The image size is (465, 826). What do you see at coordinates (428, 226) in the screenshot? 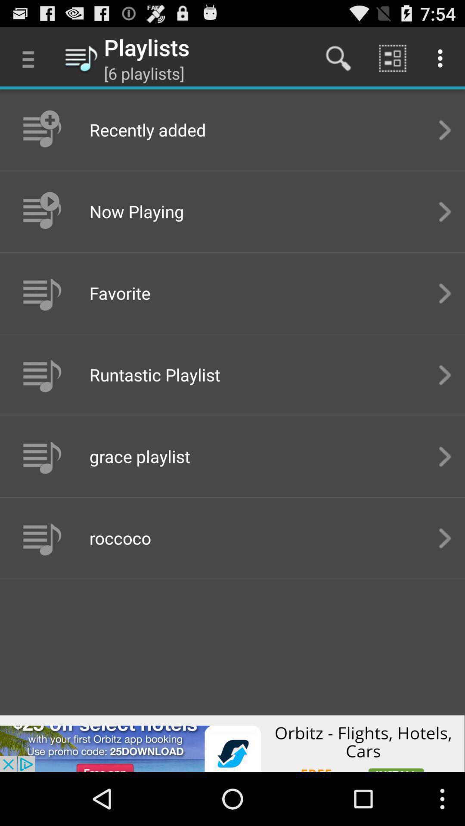
I see `the arrow_forward icon` at bounding box center [428, 226].